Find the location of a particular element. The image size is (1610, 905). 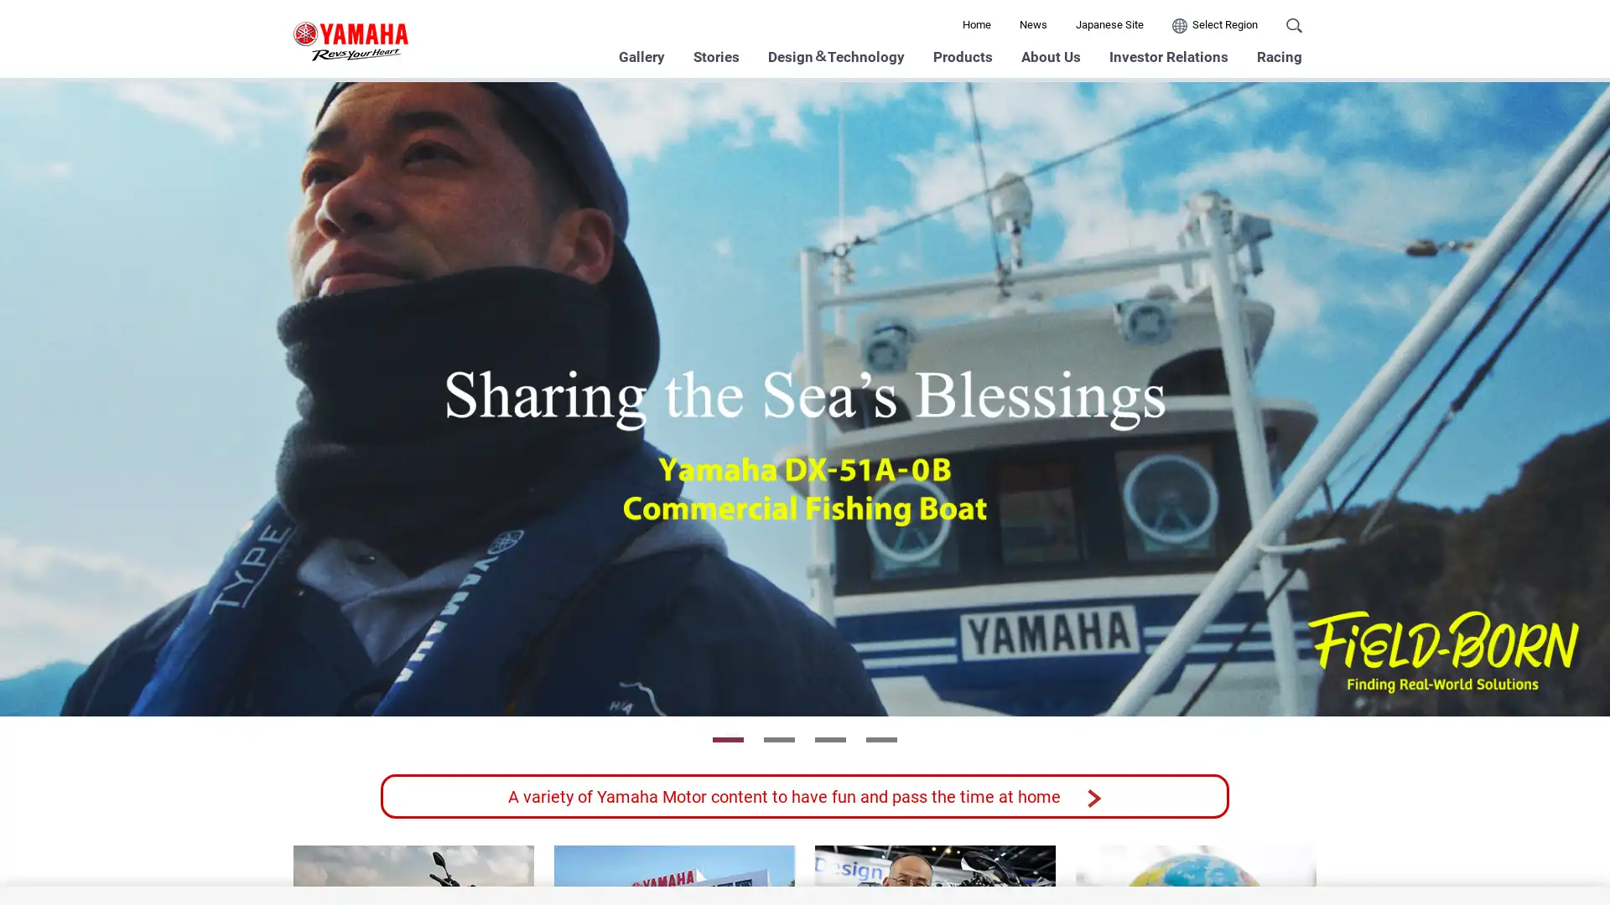

OK is located at coordinates (1328, 855).